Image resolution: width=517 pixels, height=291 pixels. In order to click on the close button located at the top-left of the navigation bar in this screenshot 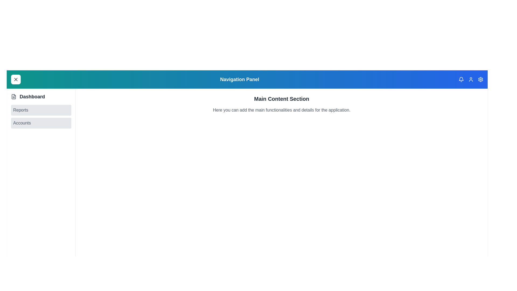, I will do `click(16, 79)`.